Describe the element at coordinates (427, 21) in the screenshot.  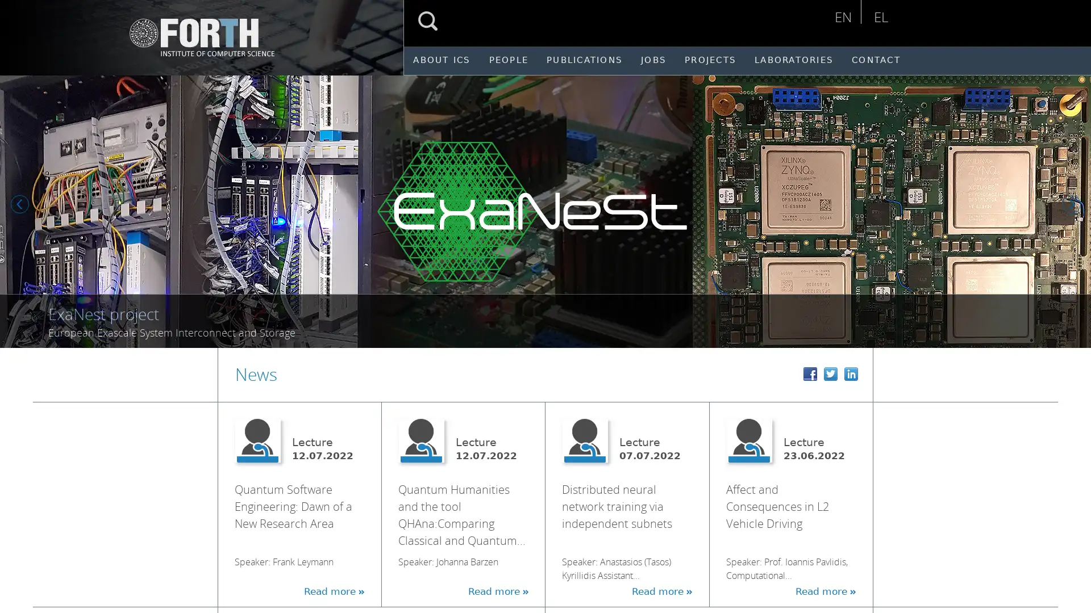
I see `Submit Search Button` at that location.